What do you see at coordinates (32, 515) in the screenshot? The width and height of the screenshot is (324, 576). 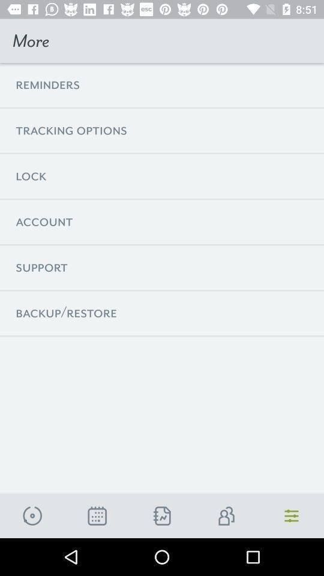 I see `the time icon` at bounding box center [32, 515].